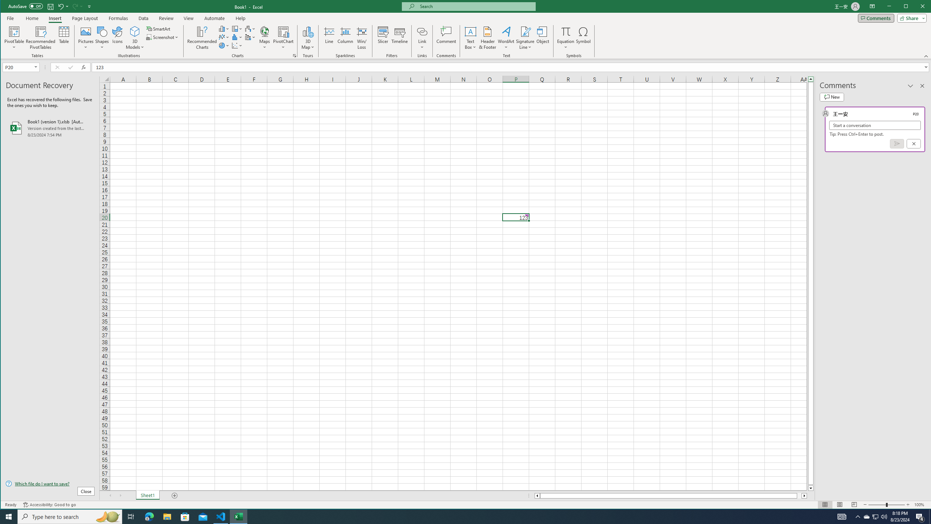 This screenshot has width=931, height=524. What do you see at coordinates (107, 516) in the screenshot?
I see `'Search highlights icon opens search home window'` at bounding box center [107, 516].